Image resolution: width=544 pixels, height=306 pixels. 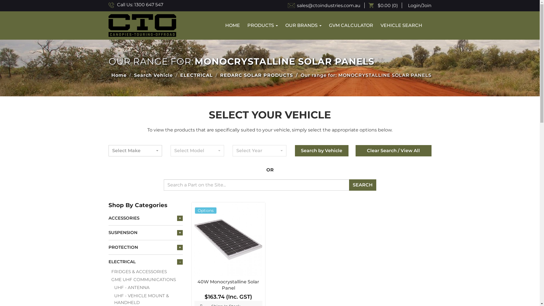 What do you see at coordinates (349, 185) in the screenshot?
I see `'SEARCH'` at bounding box center [349, 185].